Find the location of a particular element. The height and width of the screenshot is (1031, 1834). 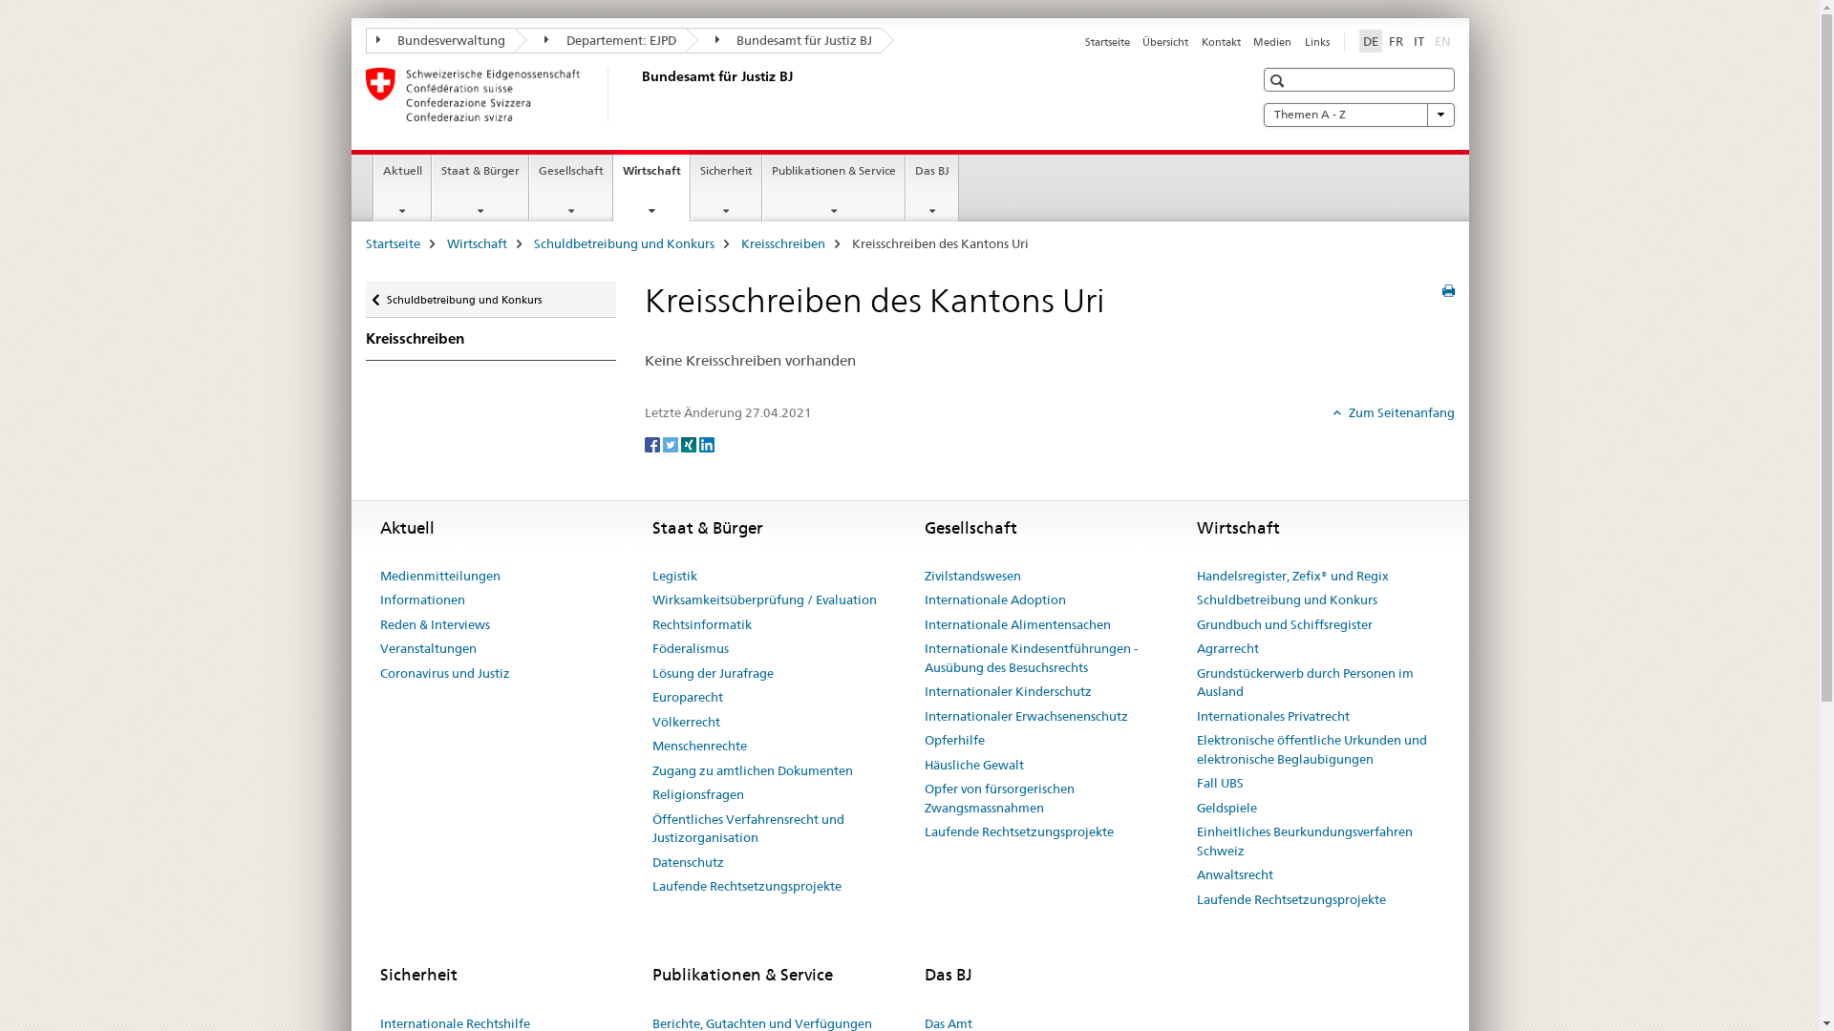

'Grundbuch und Schiffsregister' is located at coordinates (1284, 625).